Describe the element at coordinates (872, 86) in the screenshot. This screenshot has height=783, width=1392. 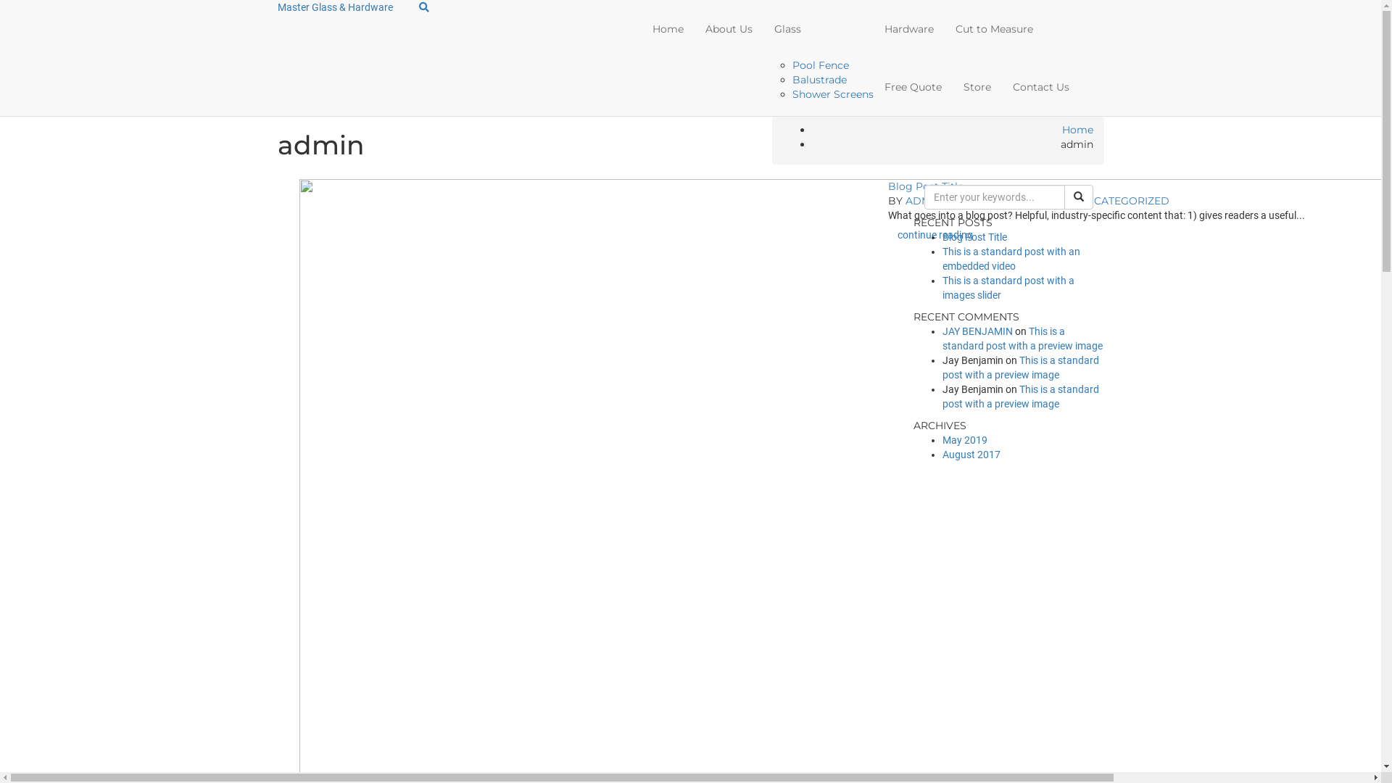
I see `'Free Quote'` at that location.